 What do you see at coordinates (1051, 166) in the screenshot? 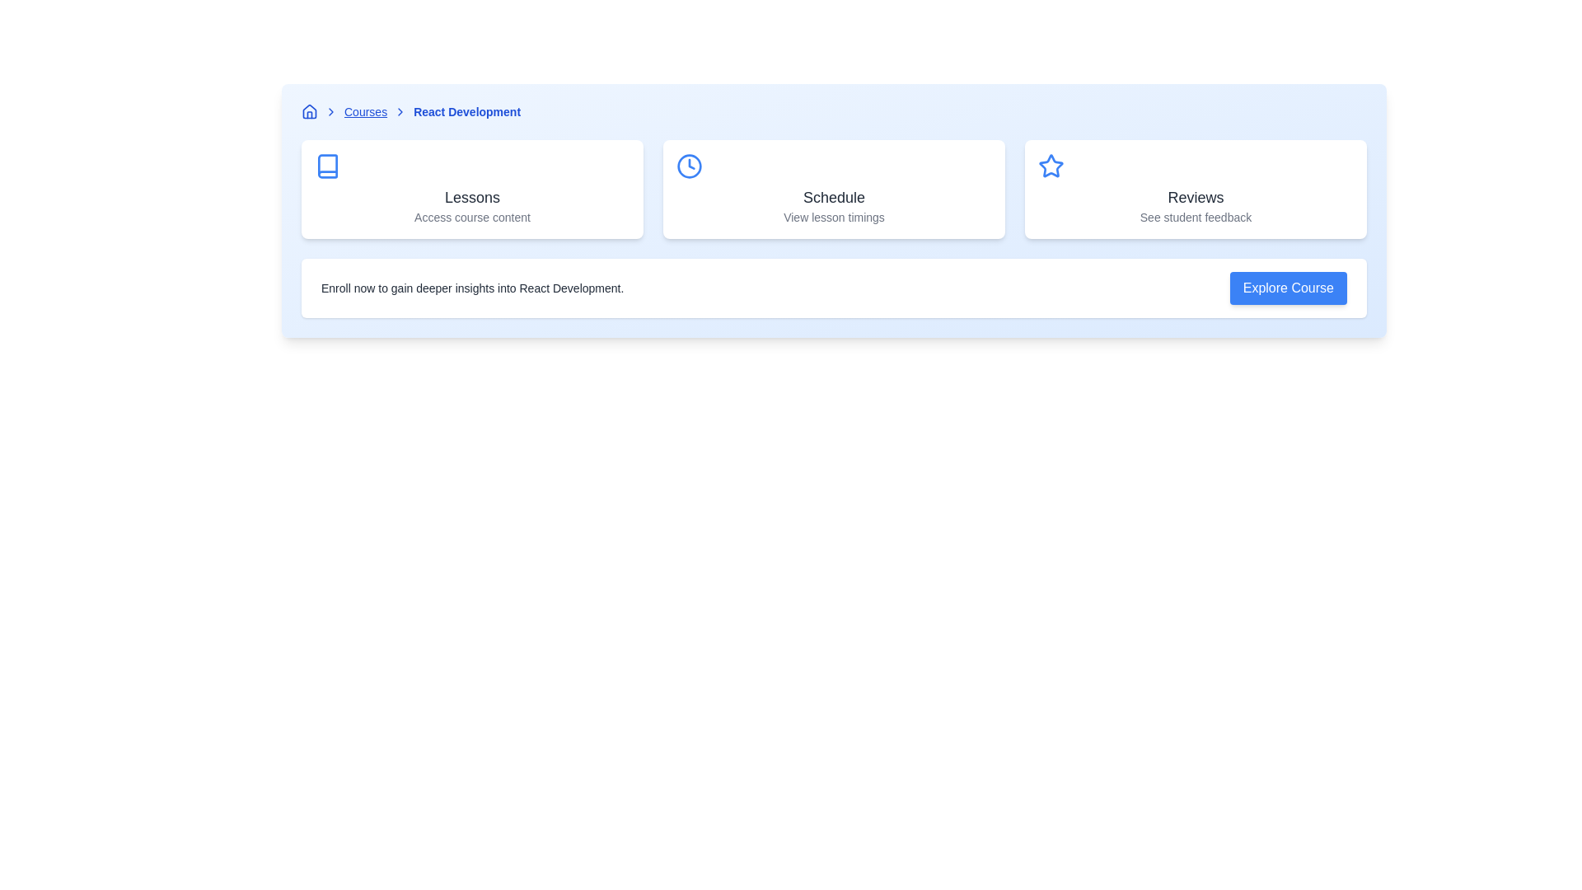
I see `the decorative icon associated with the 'Reviews' module, located to the right of the 'Schedule' module` at bounding box center [1051, 166].